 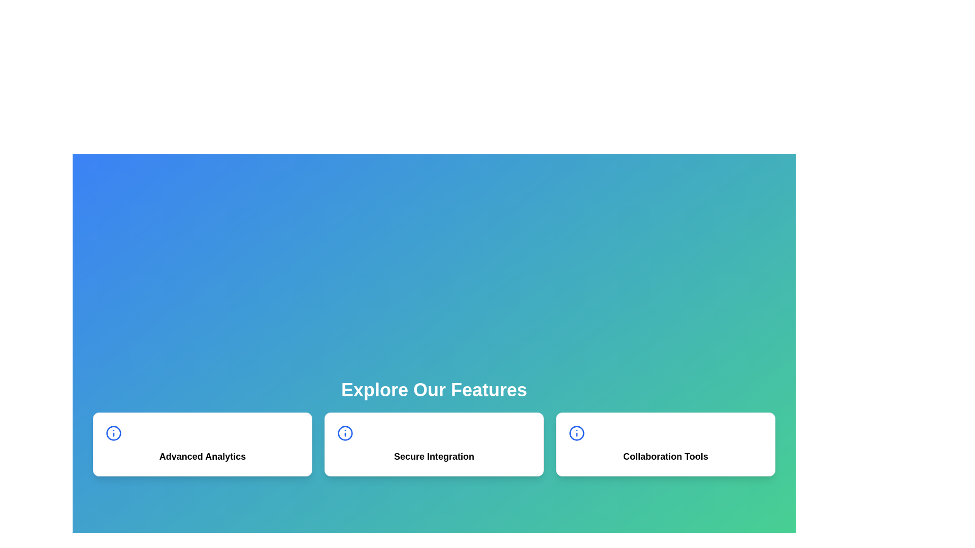 What do you see at coordinates (114, 433) in the screenshot?
I see `the icon located at the top-left side of the 'Advanced Analytics' card, which serves as a visual indicator for supplementary information` at bounding box center [114, 433].